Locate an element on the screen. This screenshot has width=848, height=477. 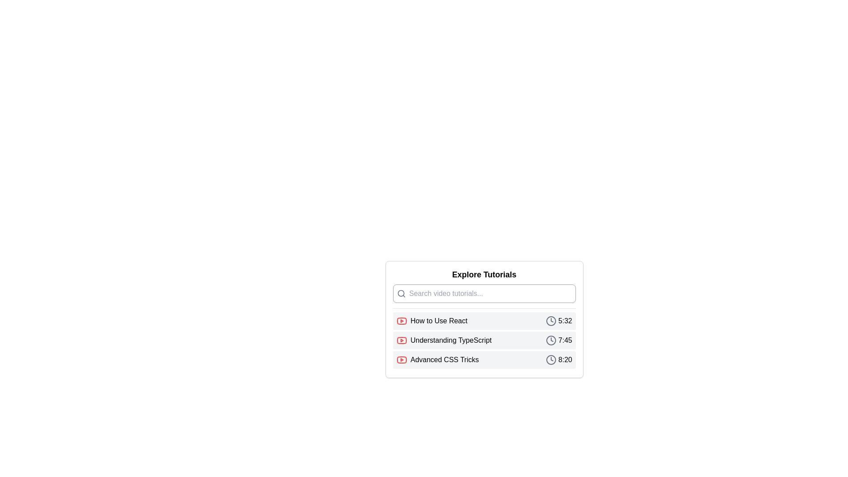
static text label displaying '5:32', which is positioned to the right of the clock icon in the tutorial interface is located at coordinates (564, 321).